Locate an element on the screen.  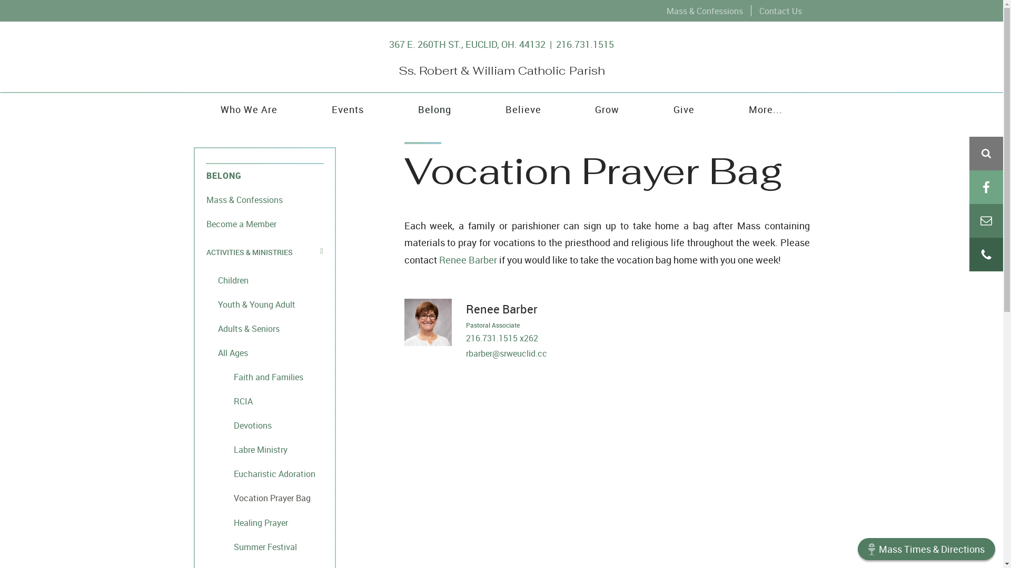
'Phone' is located at coordinates (985, 254).